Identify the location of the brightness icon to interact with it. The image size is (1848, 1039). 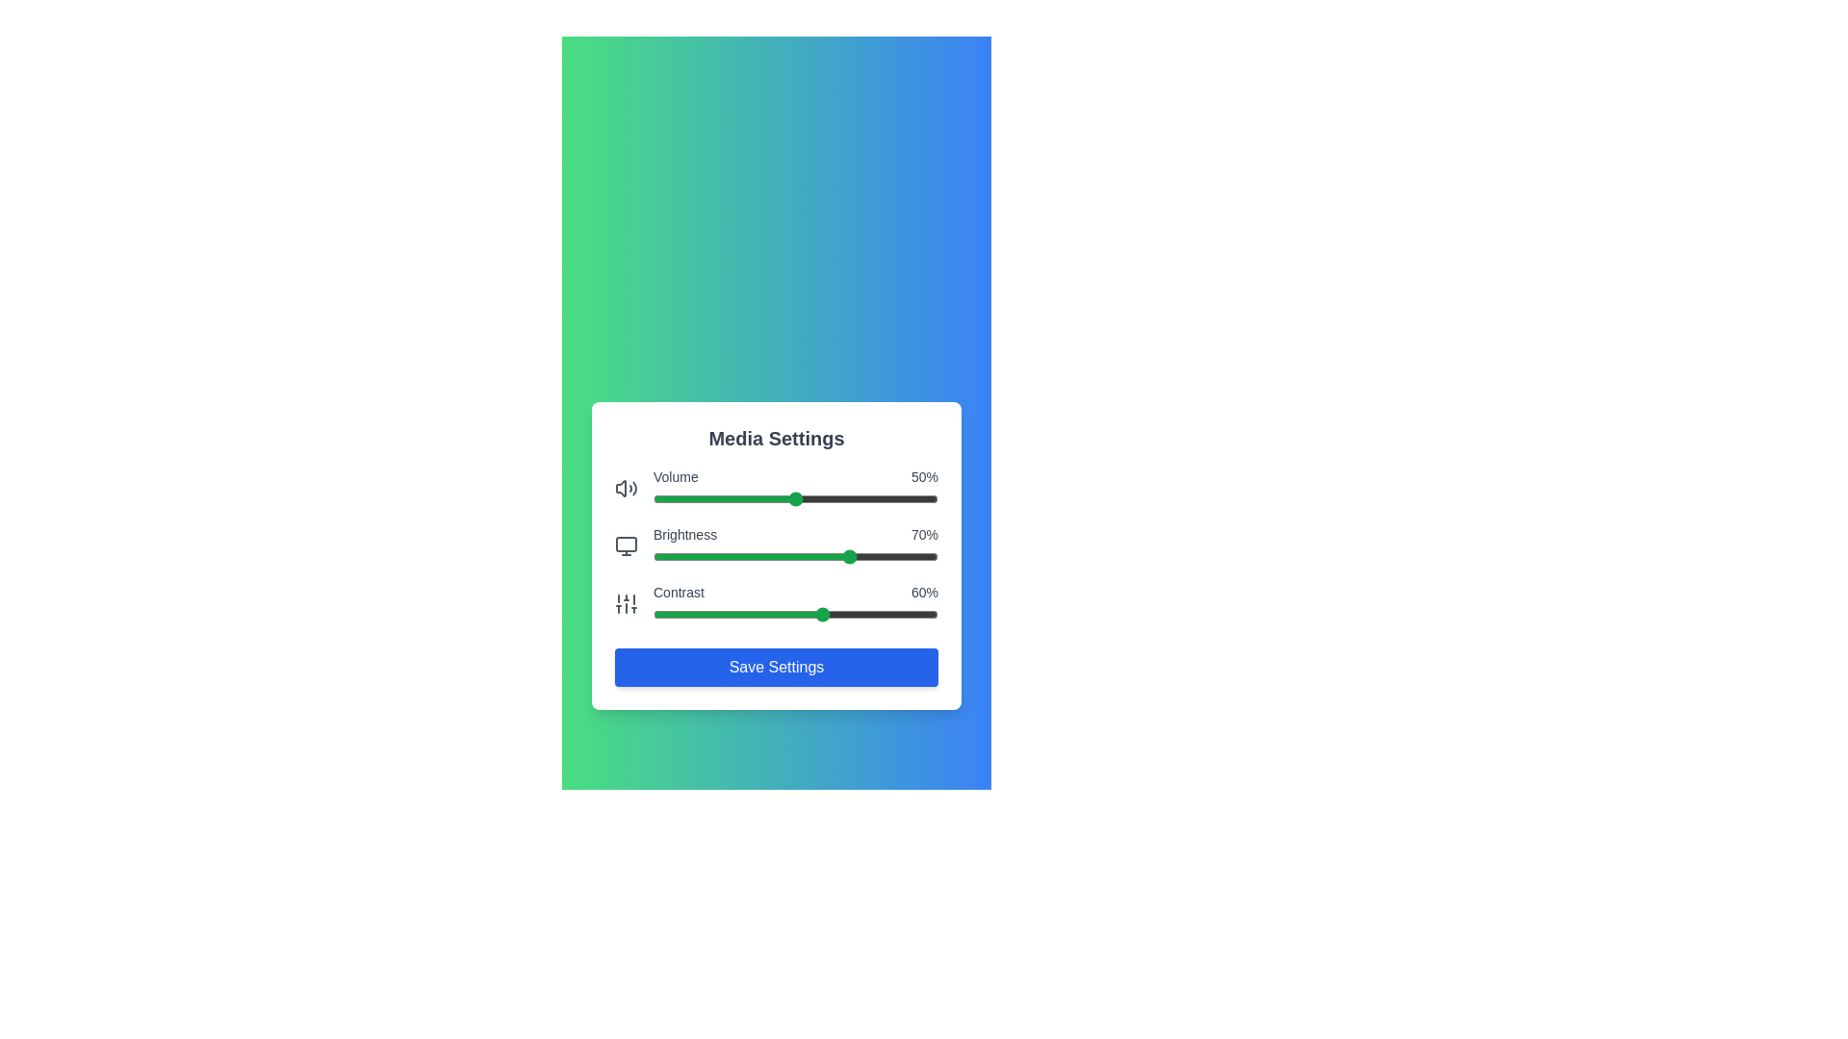
(627, 545).